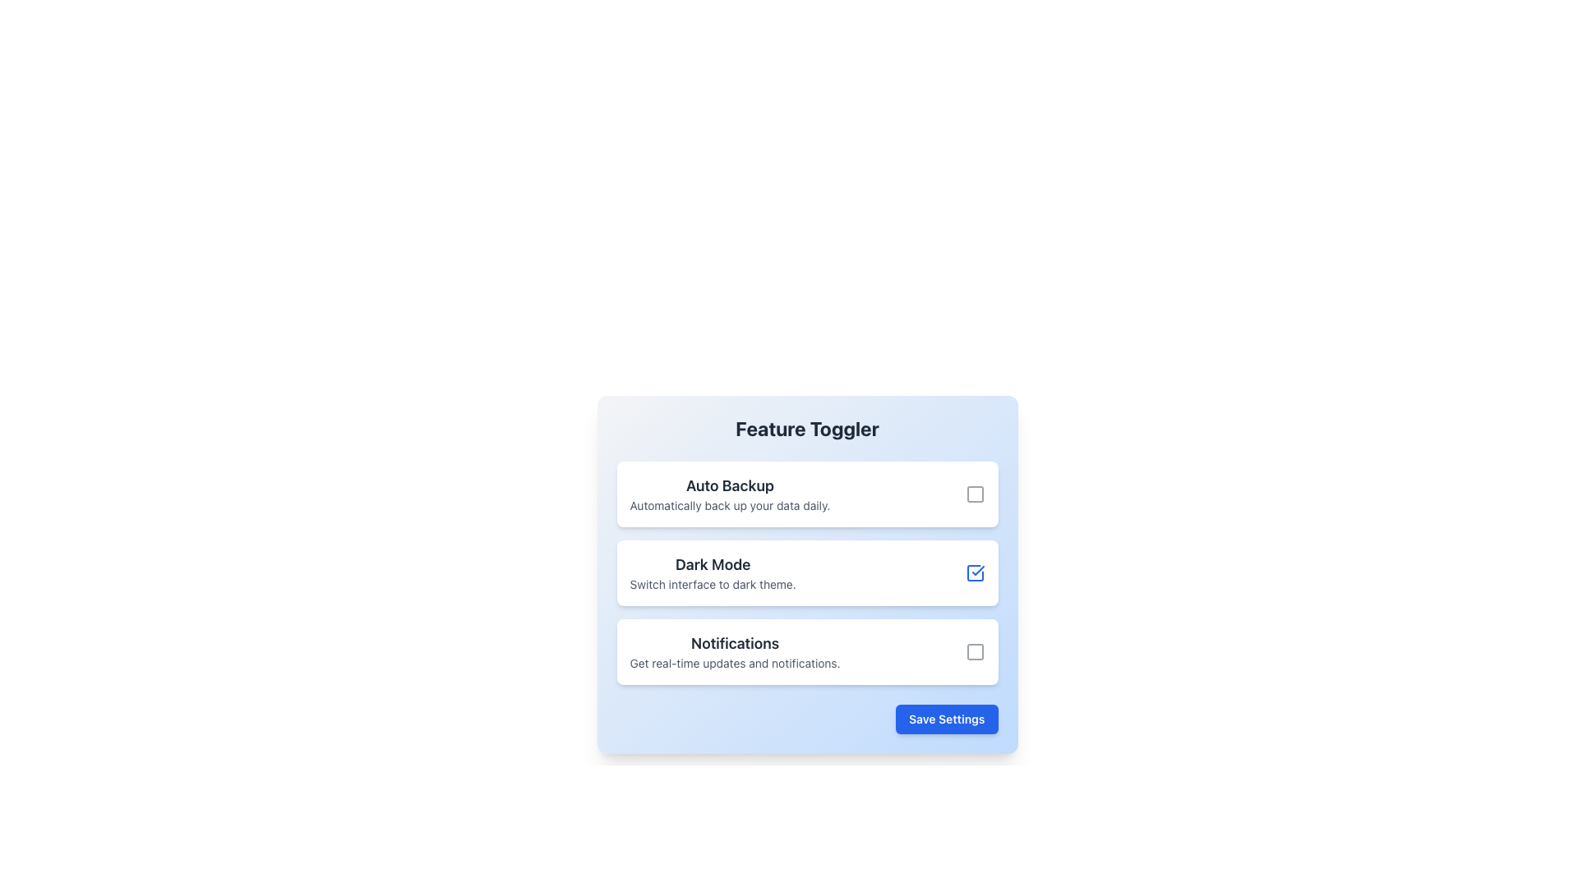  Describe the element at coordinates (975, 651) in the screenshot. I see `the third toggle switch icon with a gray outline located on the right side of the 'Notifications' entry` at that location.